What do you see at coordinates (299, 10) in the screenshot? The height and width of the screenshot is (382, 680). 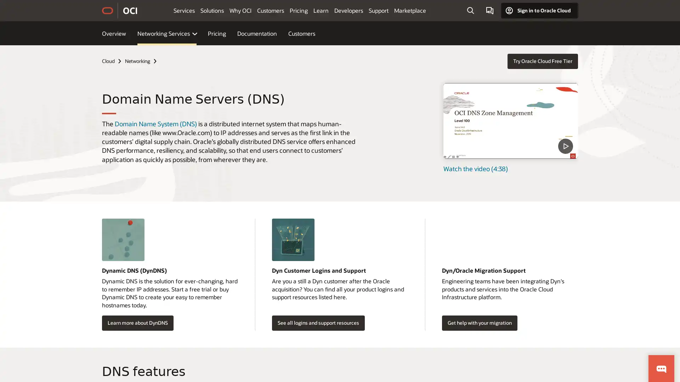 I see `Pricing` at bounding box center [299, 10].